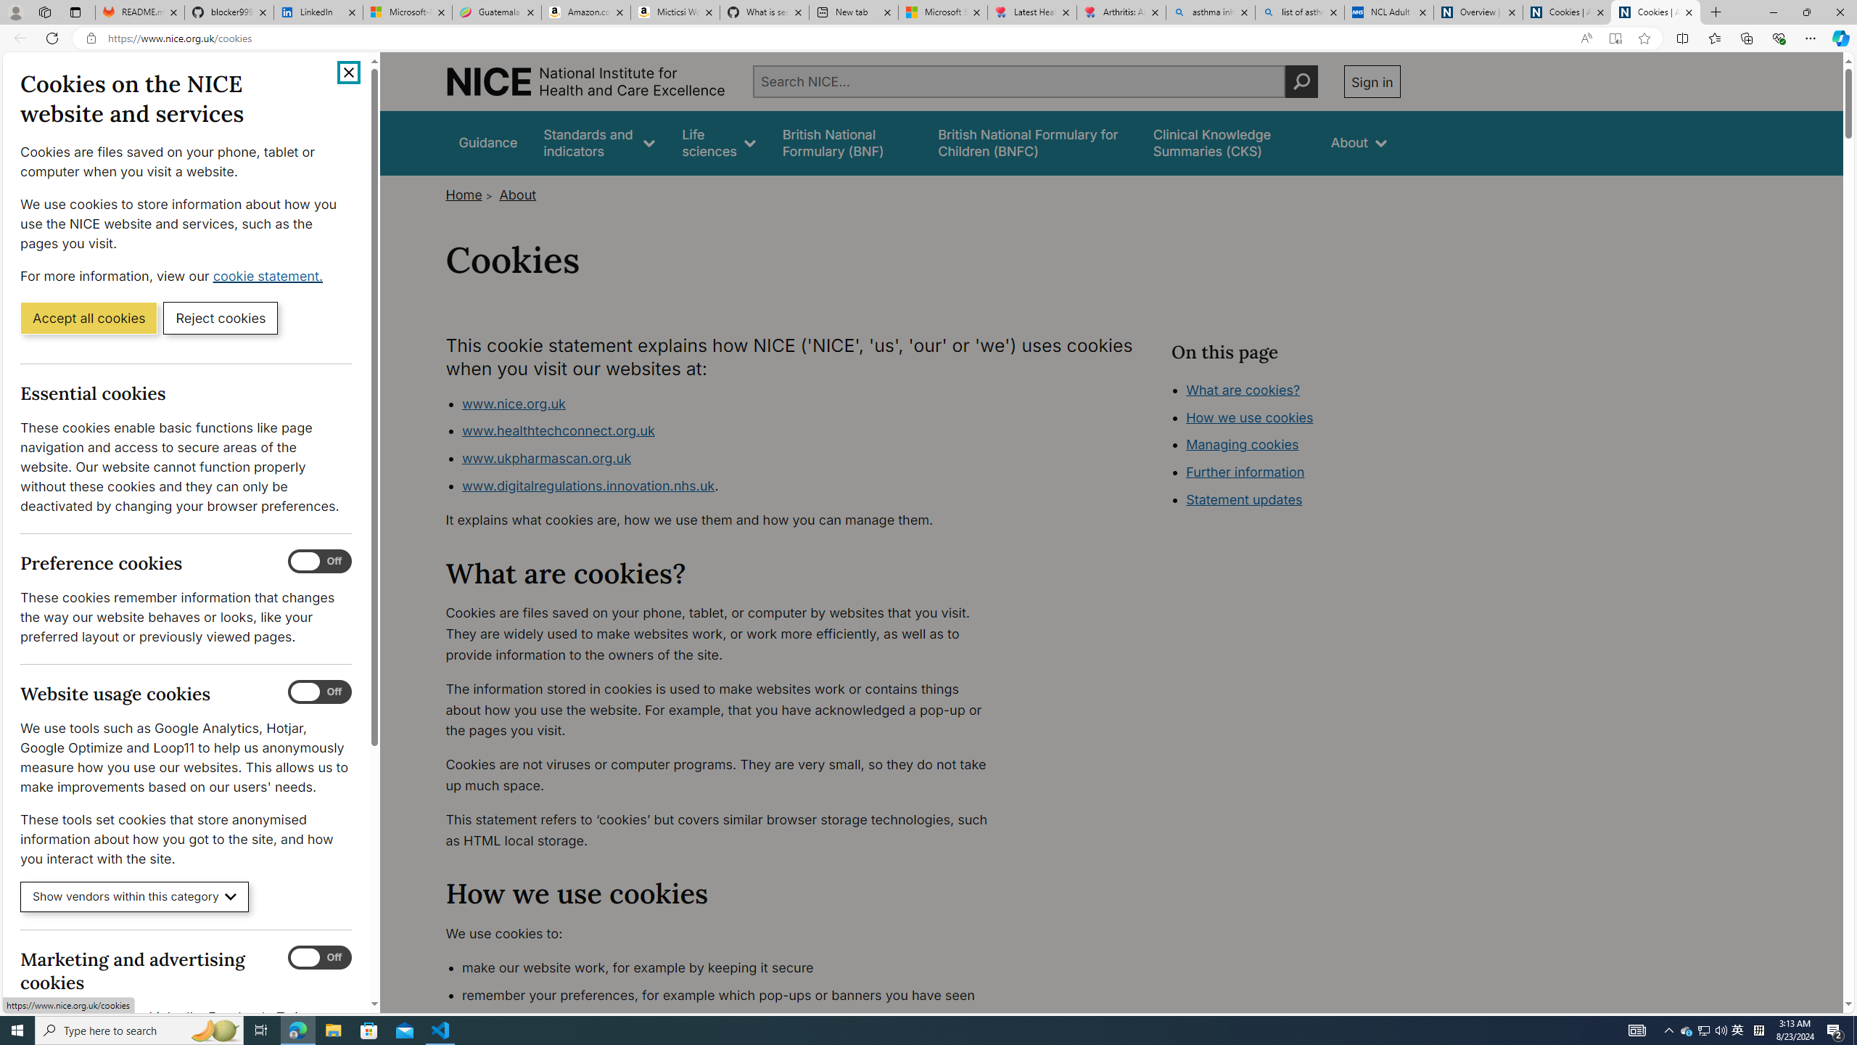 This screenshot has width=1857, height=1045. I want to click on 'cookie statement. (Opens in a new window)', so click(269, 275).